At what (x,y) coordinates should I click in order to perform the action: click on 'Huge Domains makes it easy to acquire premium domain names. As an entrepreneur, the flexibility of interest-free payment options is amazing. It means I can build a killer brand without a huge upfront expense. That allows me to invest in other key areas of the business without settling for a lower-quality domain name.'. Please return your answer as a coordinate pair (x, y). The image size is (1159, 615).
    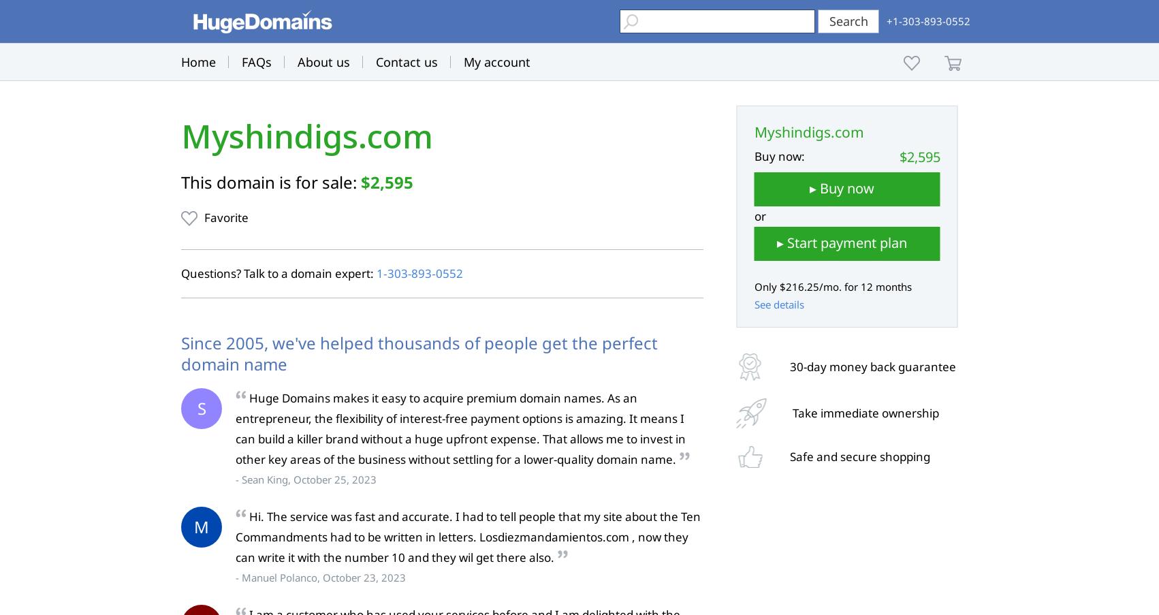
    Looking at the image, I should click on (460, 428).